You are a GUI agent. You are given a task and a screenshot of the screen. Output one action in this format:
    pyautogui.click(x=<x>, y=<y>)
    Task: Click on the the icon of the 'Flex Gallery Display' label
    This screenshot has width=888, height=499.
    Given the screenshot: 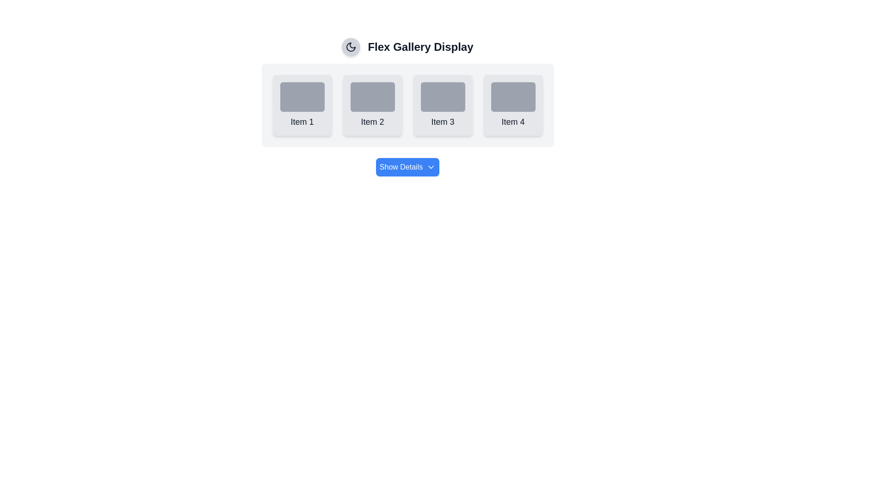 What is the action you would take?
    pyautogui.click(x=407, y=47)
    